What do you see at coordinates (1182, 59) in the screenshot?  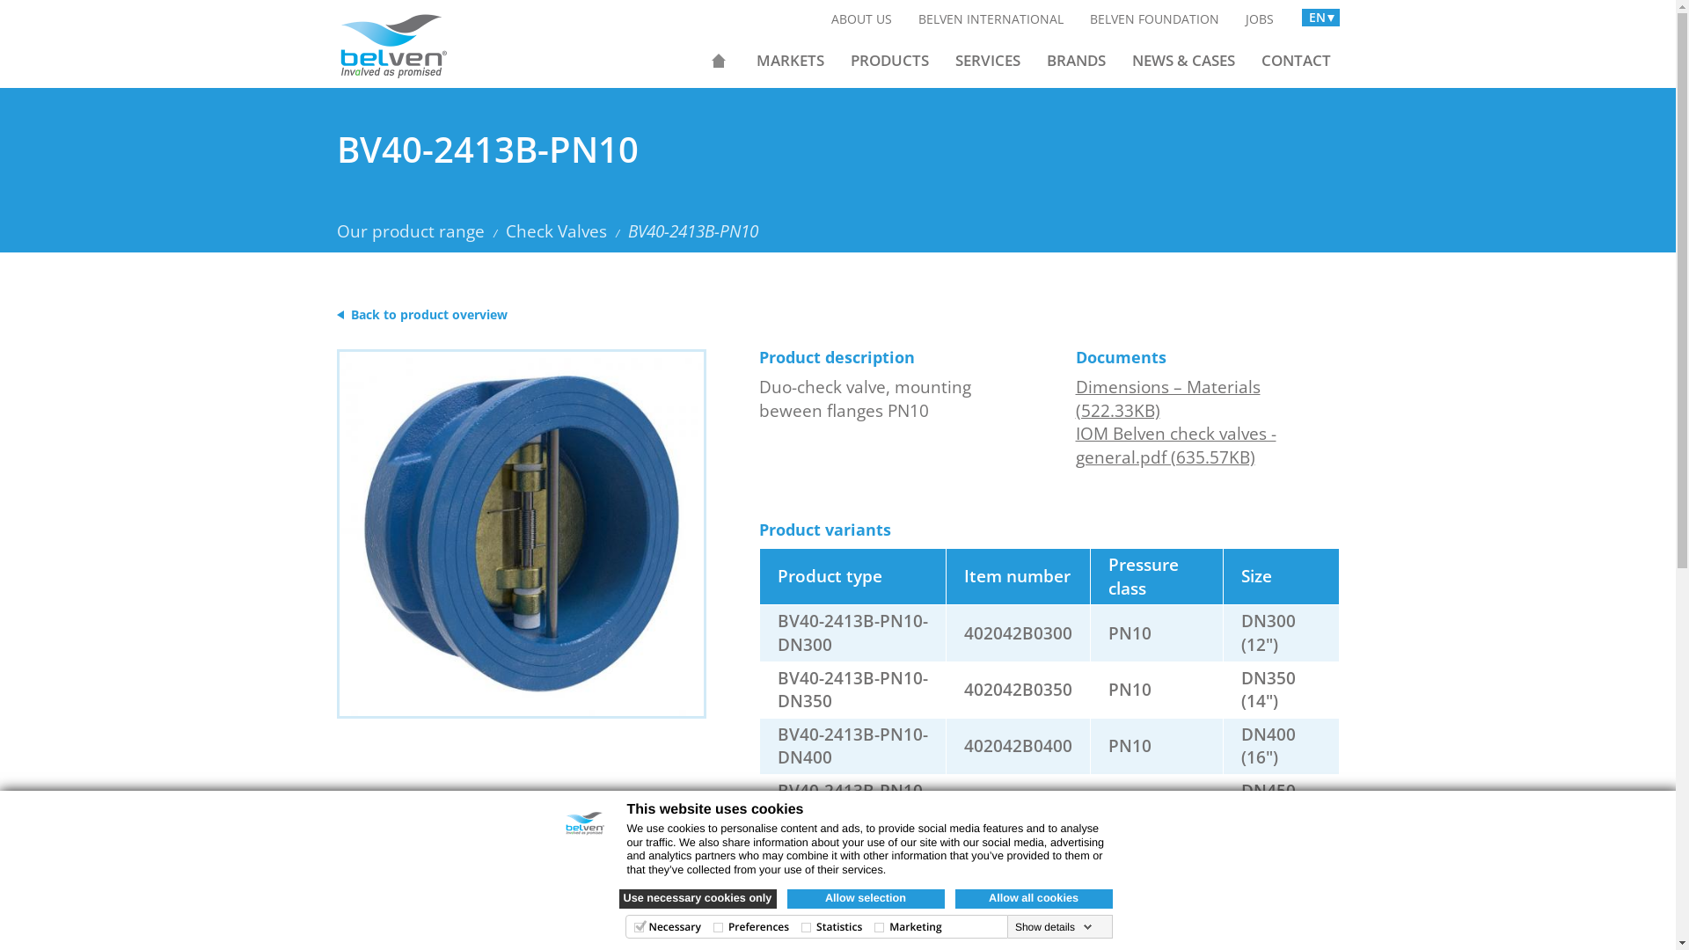 I see `'NEWS & CASES'` at bounding box center [1182, 59].